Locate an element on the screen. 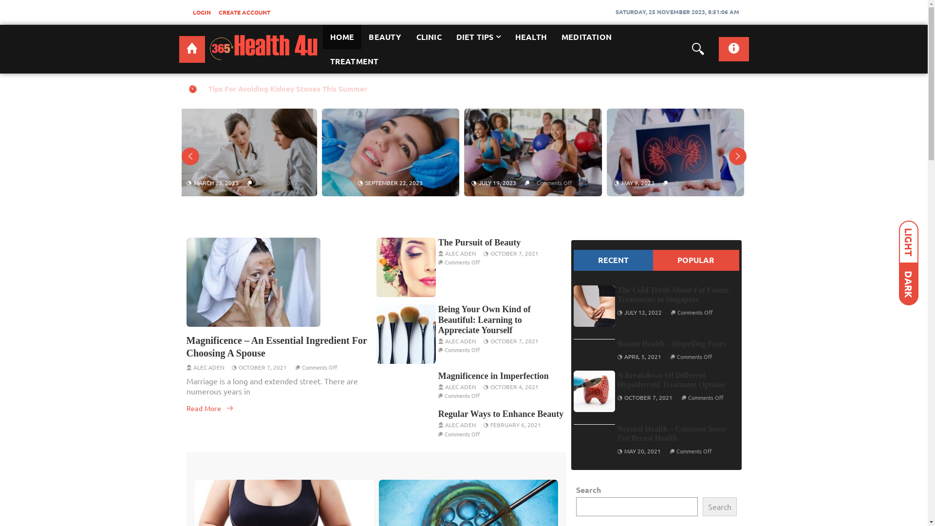  '365 Health 4U: Health and fitness guide for everyone' is located at coordinates (192, 49).